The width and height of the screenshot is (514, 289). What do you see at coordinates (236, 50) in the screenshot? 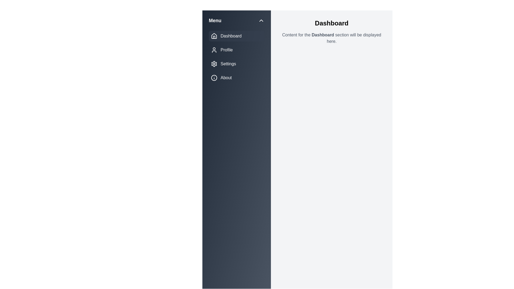
I see `the second item in the vertical navigation menu located in the left-hand sidebar` at bounding box center [236, 50].